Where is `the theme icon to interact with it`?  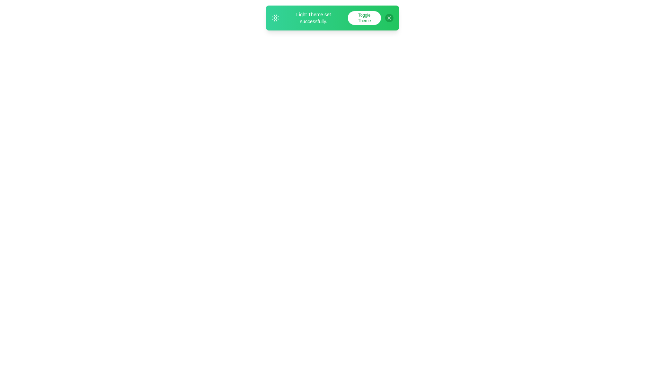 the theme icon to interact with it is located at coordinates (275, 17).